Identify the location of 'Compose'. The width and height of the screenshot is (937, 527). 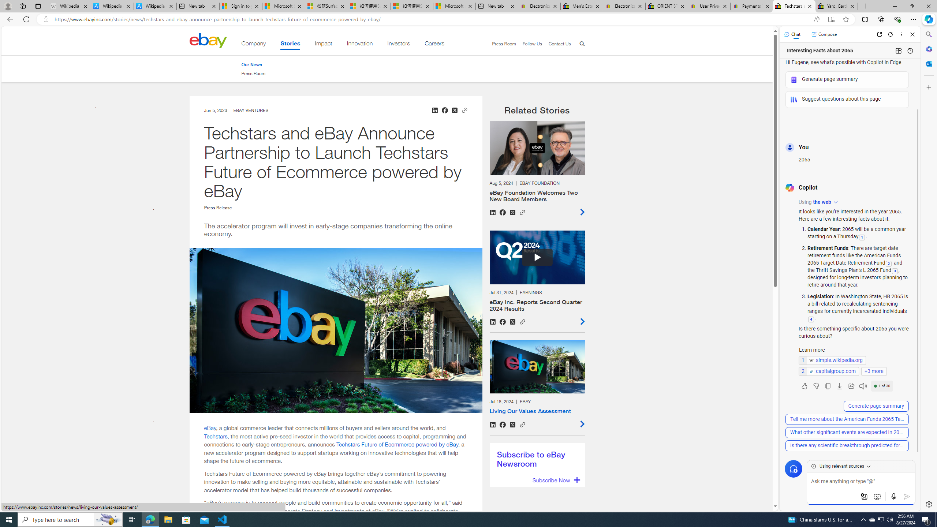
(824, 34).